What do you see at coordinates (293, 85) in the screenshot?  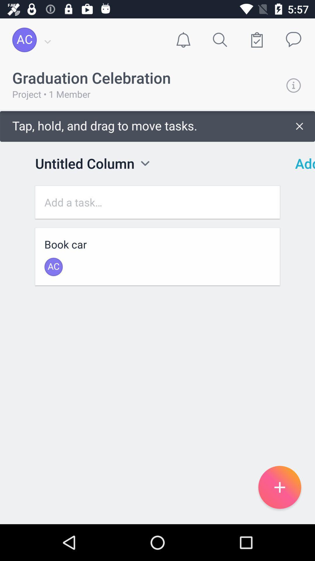 I see `info` at bounding box center [293, 85].